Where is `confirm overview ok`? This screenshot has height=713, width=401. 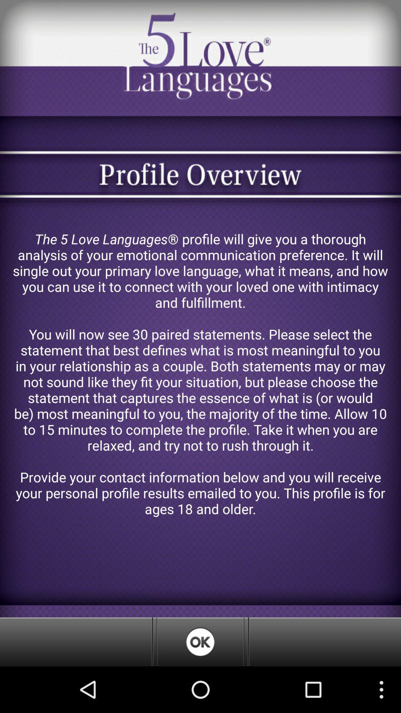
confirm overview ok is located at coordinates (200, 641).